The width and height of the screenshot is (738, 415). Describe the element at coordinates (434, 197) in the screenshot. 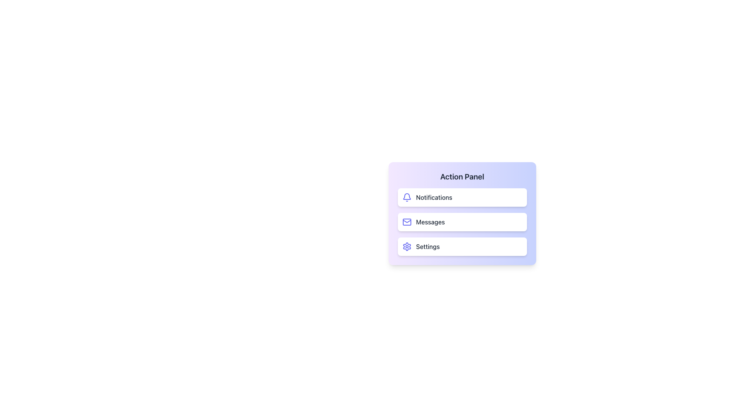

I see `the 'Notifications' text label, which is styled in gray and aligned to the right of a bell icon in the Action Panel` at that location.